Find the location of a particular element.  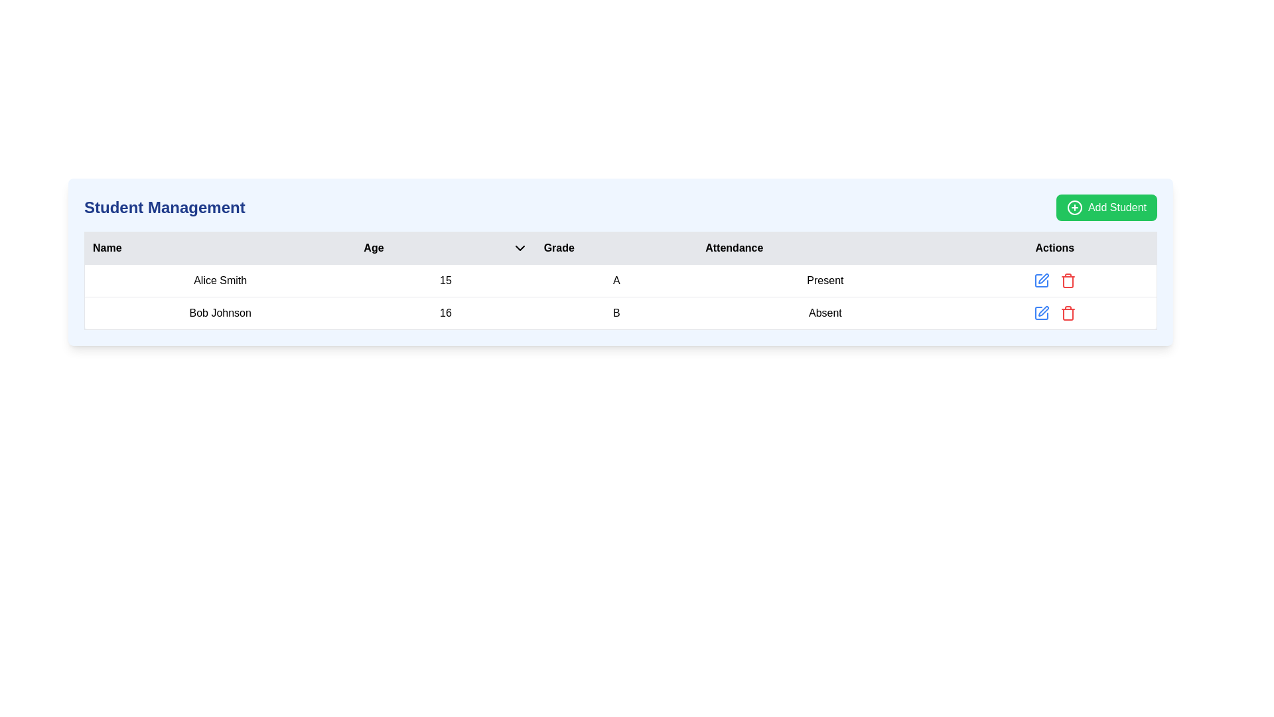

the control group containing action buttons for the entry 'Alice Smith, Age 15, Grade A, Attendance Present' is located at coordinates (1054, 280).